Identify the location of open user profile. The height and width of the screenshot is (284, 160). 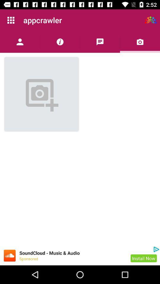
(20, 41).